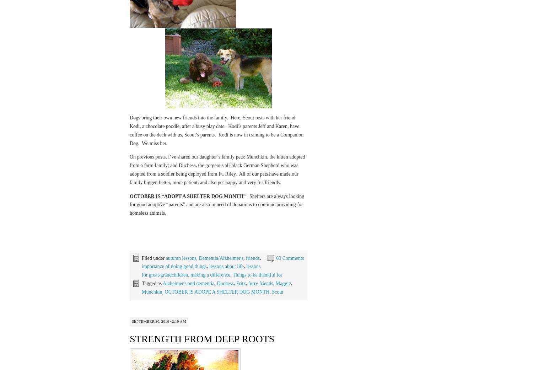 Image resolution: width=533 pixels, height=370 pixels. Describe the element at coordinates (257, 275) in the screenshot. I see `'Things to be thankful for'` at that location.